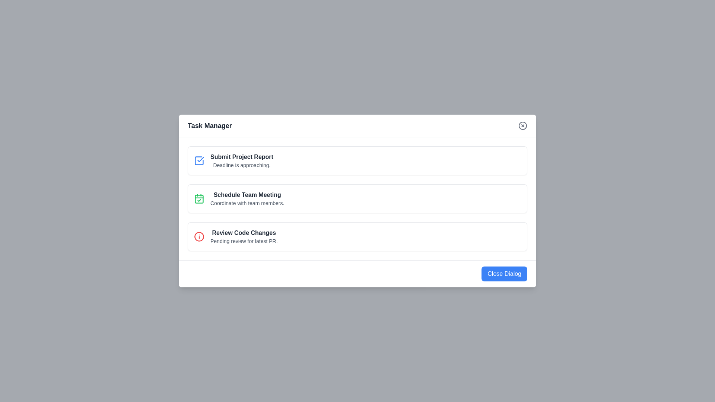 Image resolution: width=715 pixels, height=402 pixels. I want to click on 'Close Dialog' button to close the dialog, so click(504, 274).